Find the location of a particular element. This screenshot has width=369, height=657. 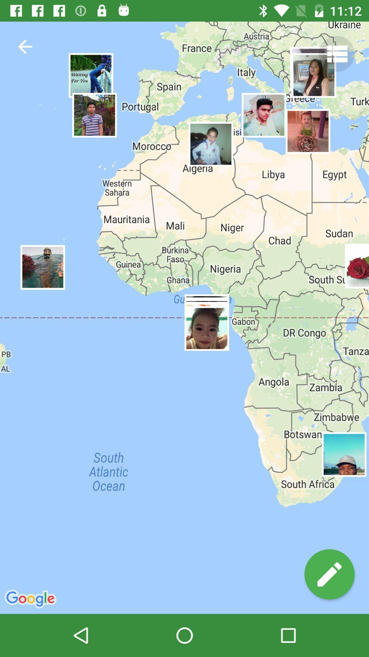

previous is located at coordinates (25, 46).